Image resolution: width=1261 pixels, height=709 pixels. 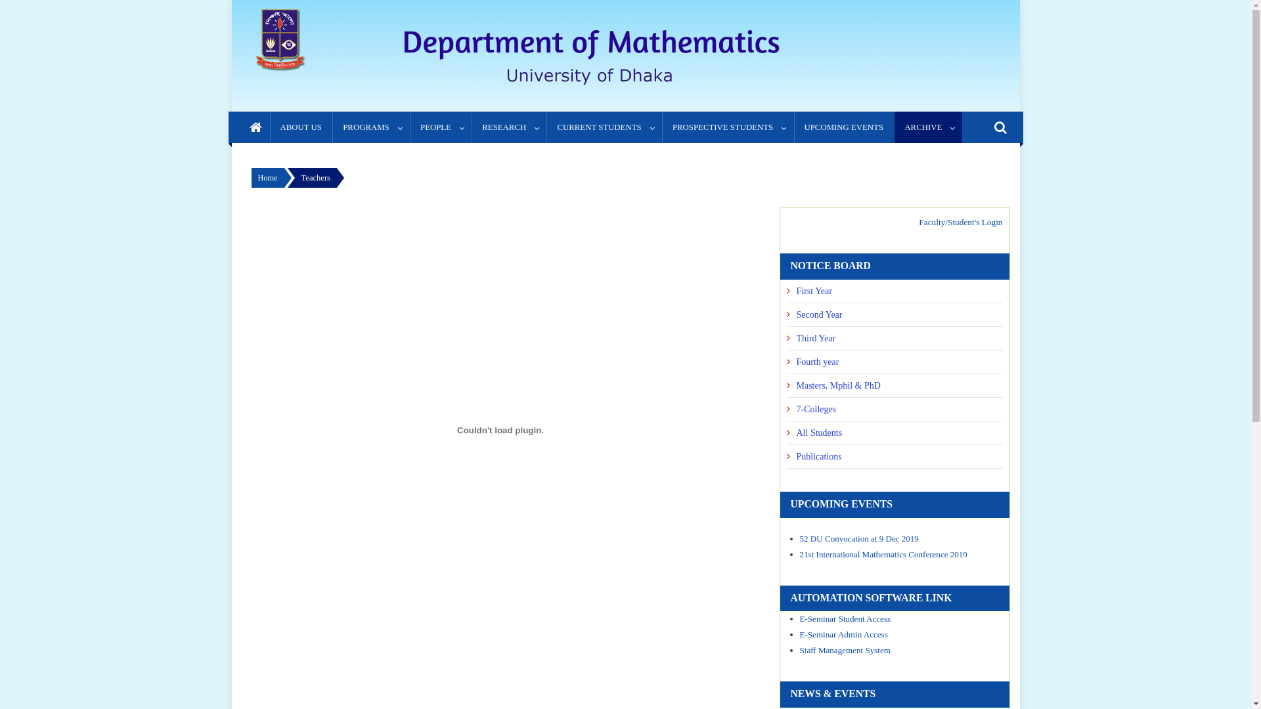 What do you see at coordinates (787, 338) in the screenshot?
I see `'Third Year'` at bounding box center [787, 338].